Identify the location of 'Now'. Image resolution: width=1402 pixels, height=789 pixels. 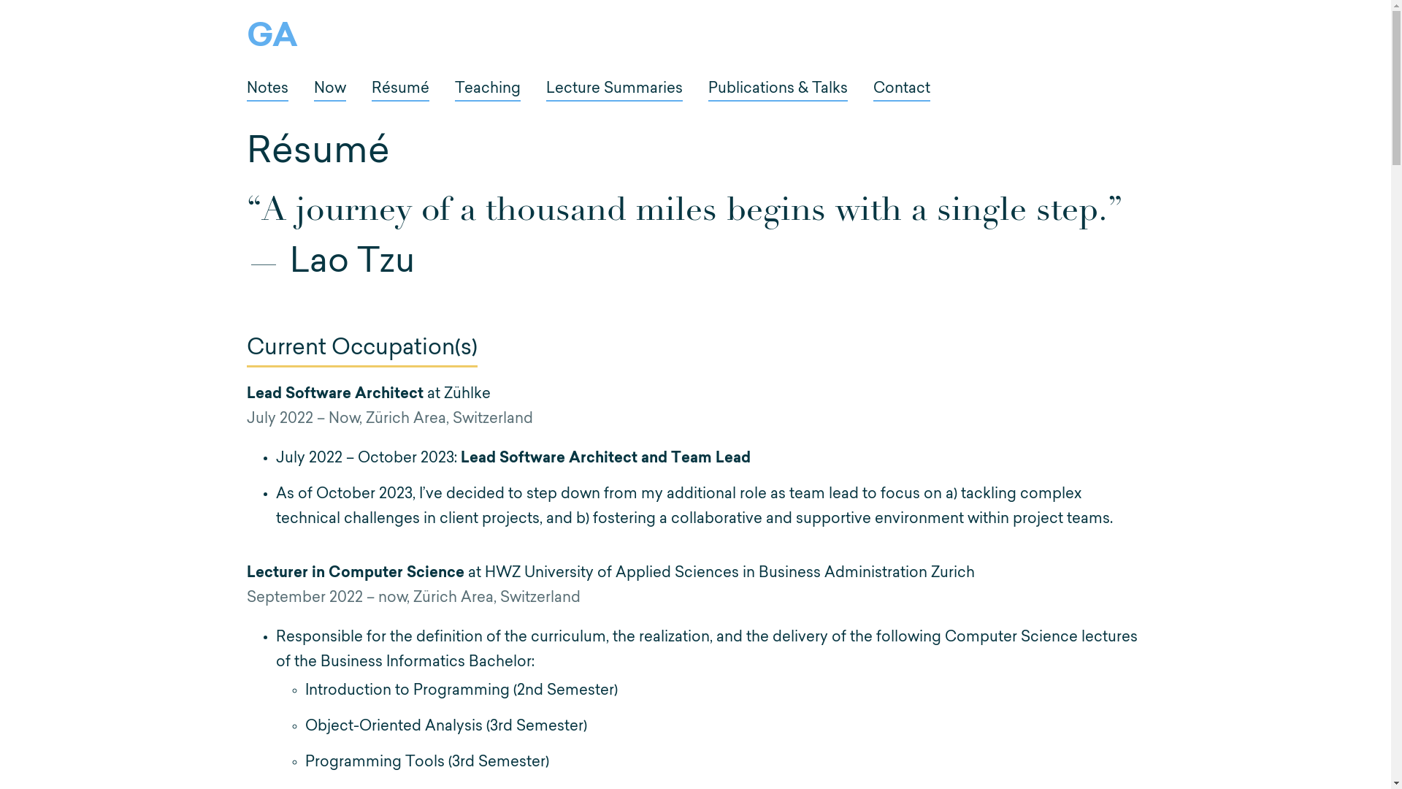
(329, 91).